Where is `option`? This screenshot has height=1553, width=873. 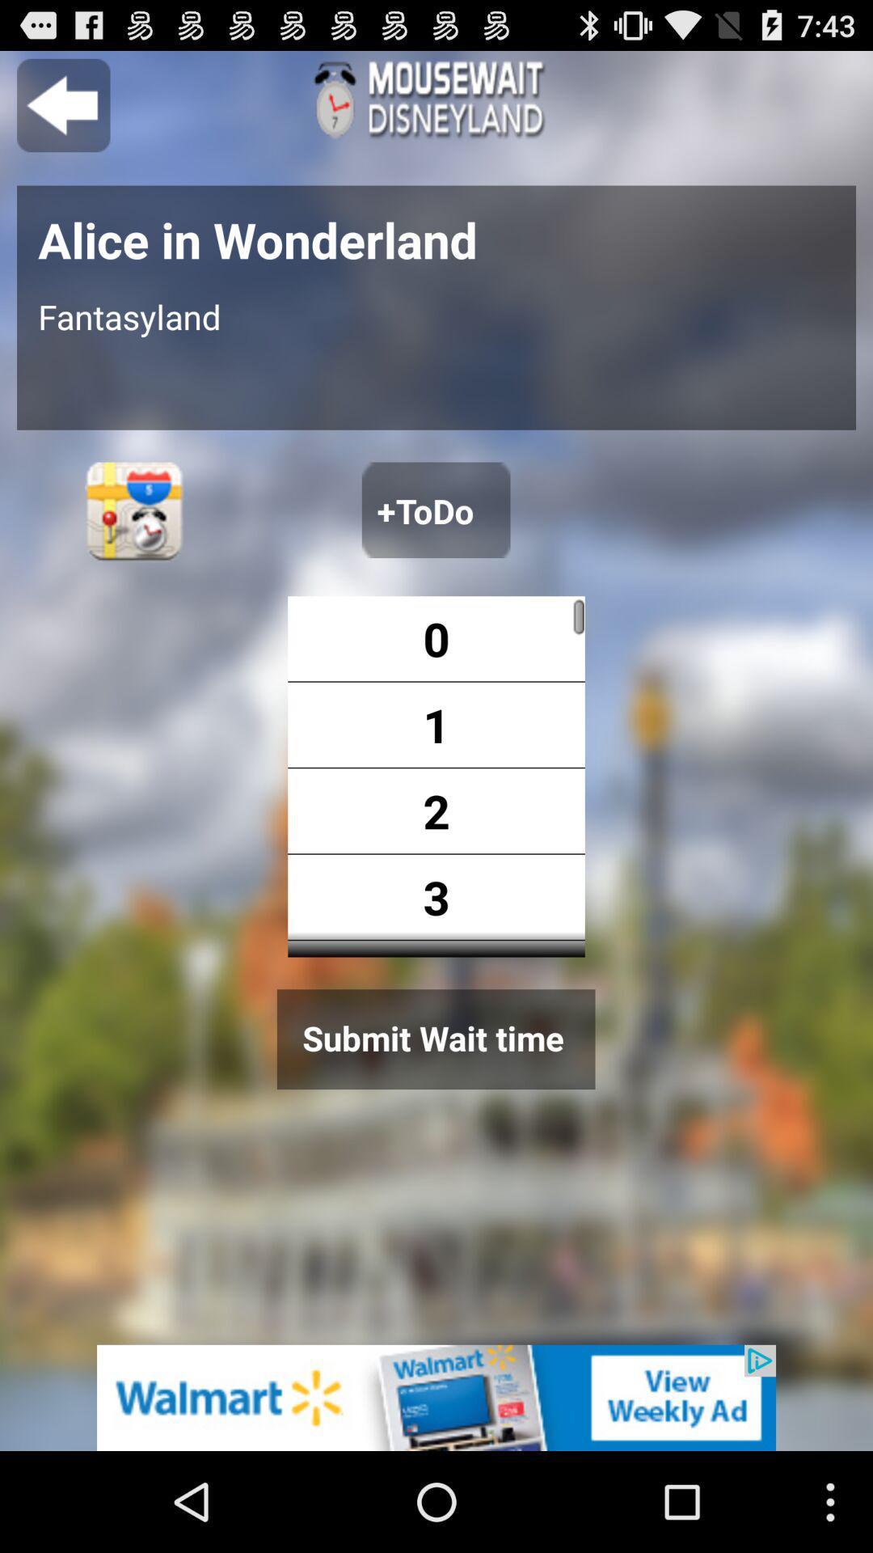 option is located at coordinates (532, 776).